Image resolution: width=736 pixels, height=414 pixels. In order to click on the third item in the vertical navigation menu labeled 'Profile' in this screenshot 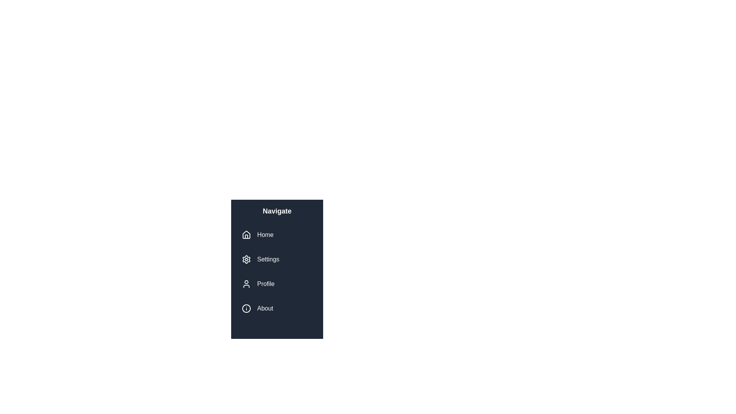, I will do `click(266, 284)`.